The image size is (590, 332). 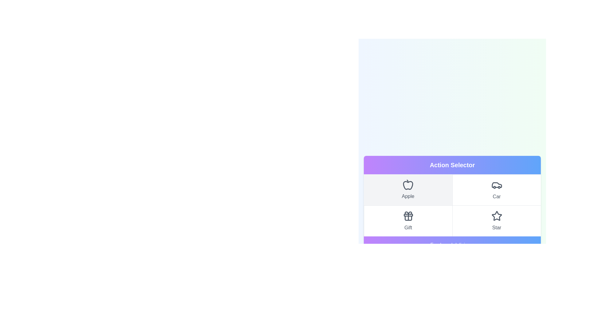 What do you see at coordinates (497, 220) in the screenshot?
I see `the 'Star' button located in the bottom-right cell of the 2x2 grid layout, beneath the 'Car' element` at bounding box center [497, 220].